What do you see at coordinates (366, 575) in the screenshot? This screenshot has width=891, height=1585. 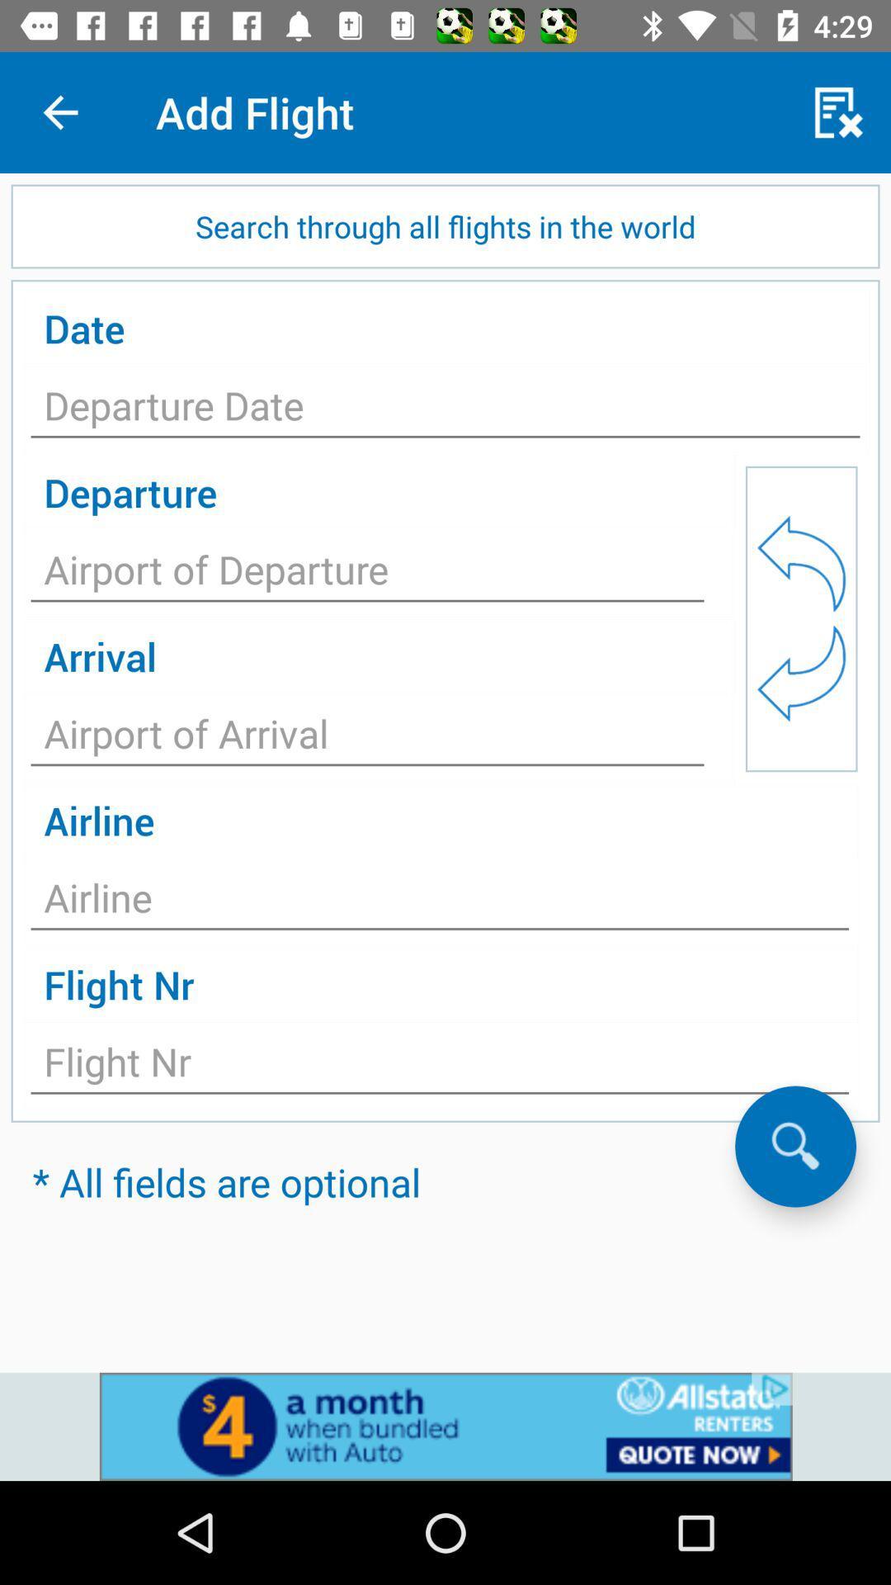 I see `application` at bounding box center [366, 575].